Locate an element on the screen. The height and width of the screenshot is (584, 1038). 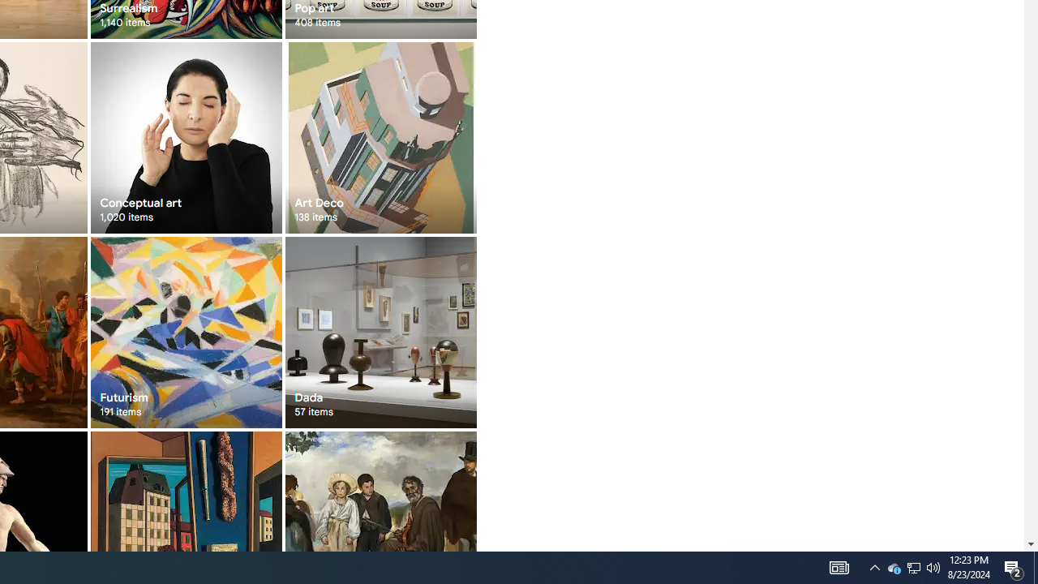
'Conceptual art 1,020 items' is located at coordinates (186, 136).